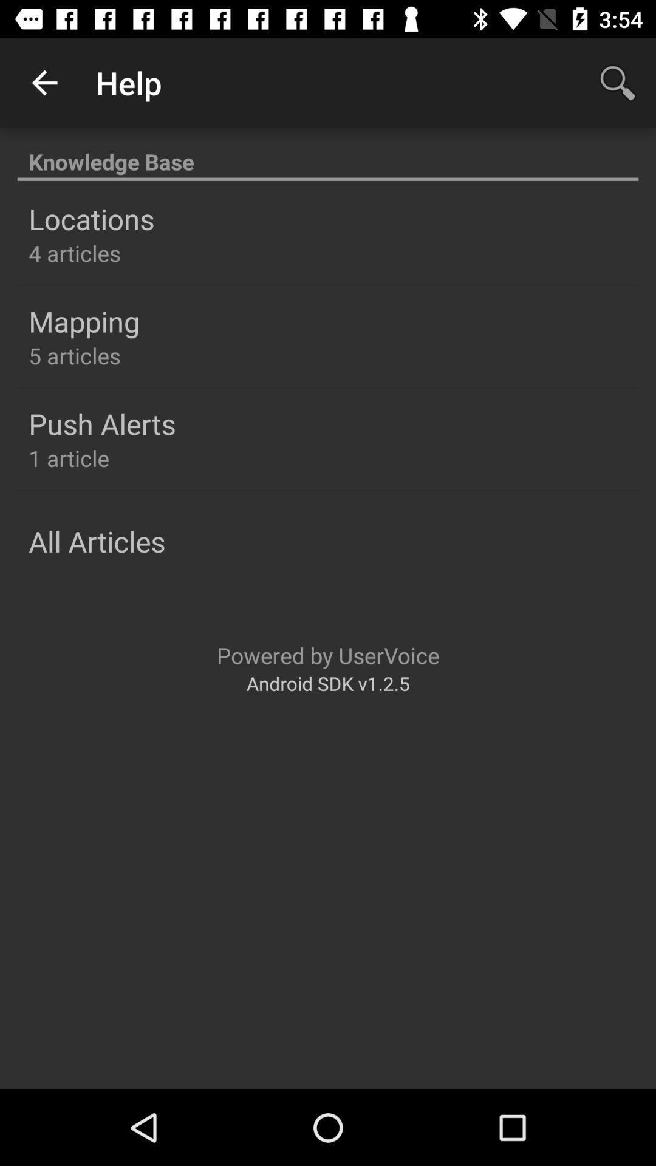 The width and height of the screenshot is (656, 1166). What do you see at coordinates (75, 253) in the screenshot?
I see `4 articles icon` at bounding box center [75, 253].